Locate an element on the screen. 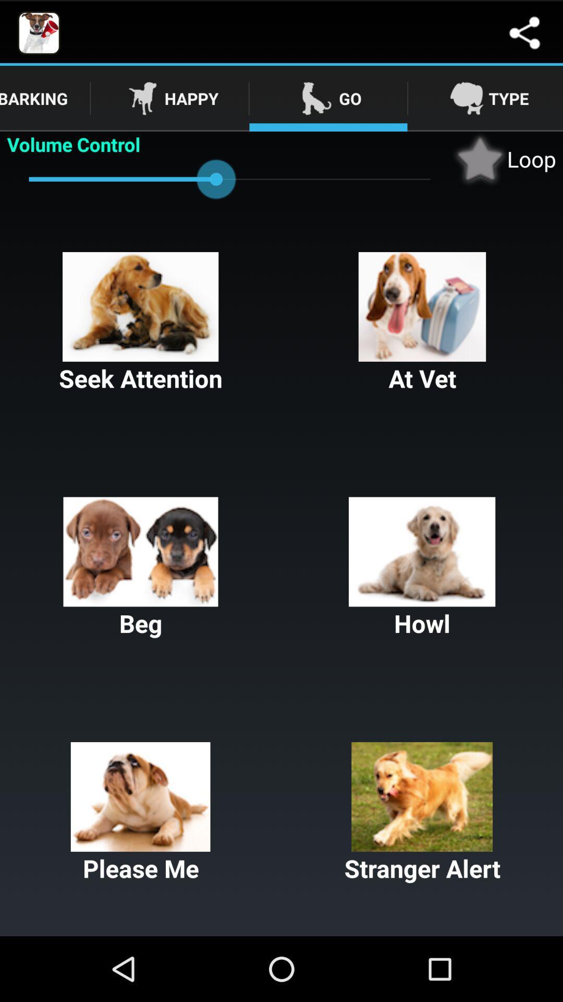  the item above beg is located at coordinates (141, 323).